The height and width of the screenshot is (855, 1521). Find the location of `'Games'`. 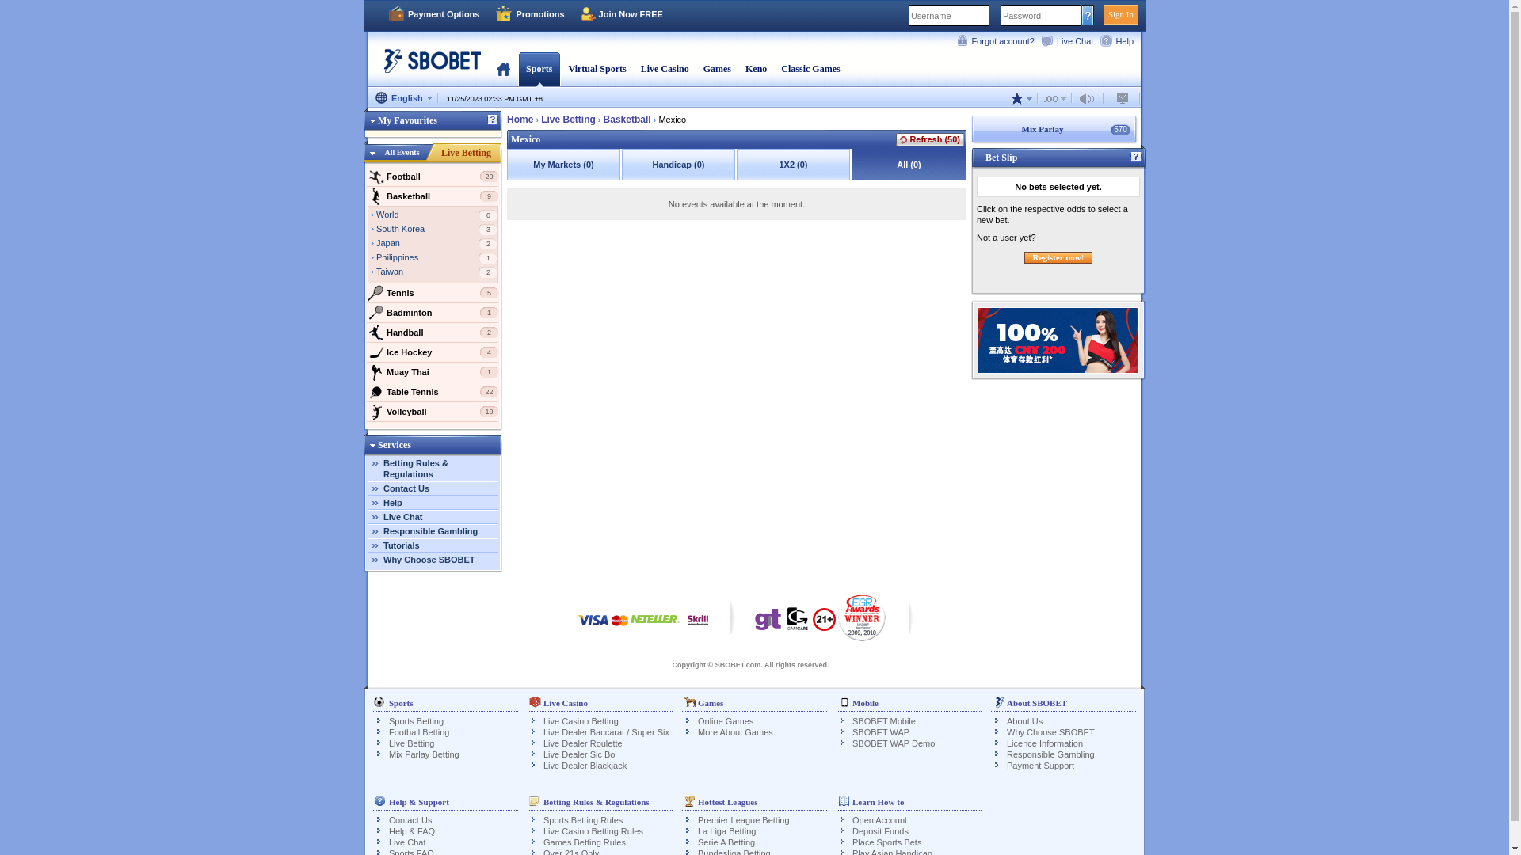

'Games' is located at coordinates (716, 68).